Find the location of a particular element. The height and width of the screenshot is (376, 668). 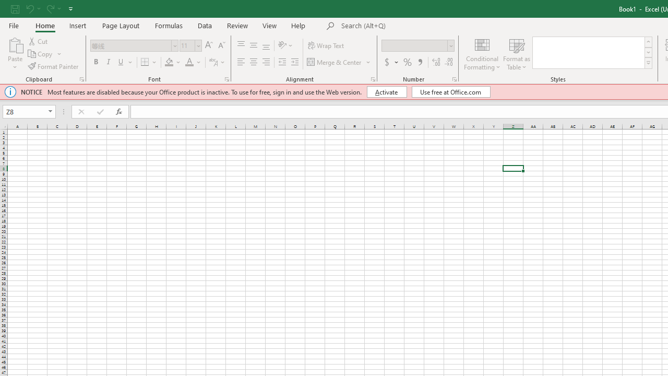

'Name Box' is located at coordinates (25, 112).